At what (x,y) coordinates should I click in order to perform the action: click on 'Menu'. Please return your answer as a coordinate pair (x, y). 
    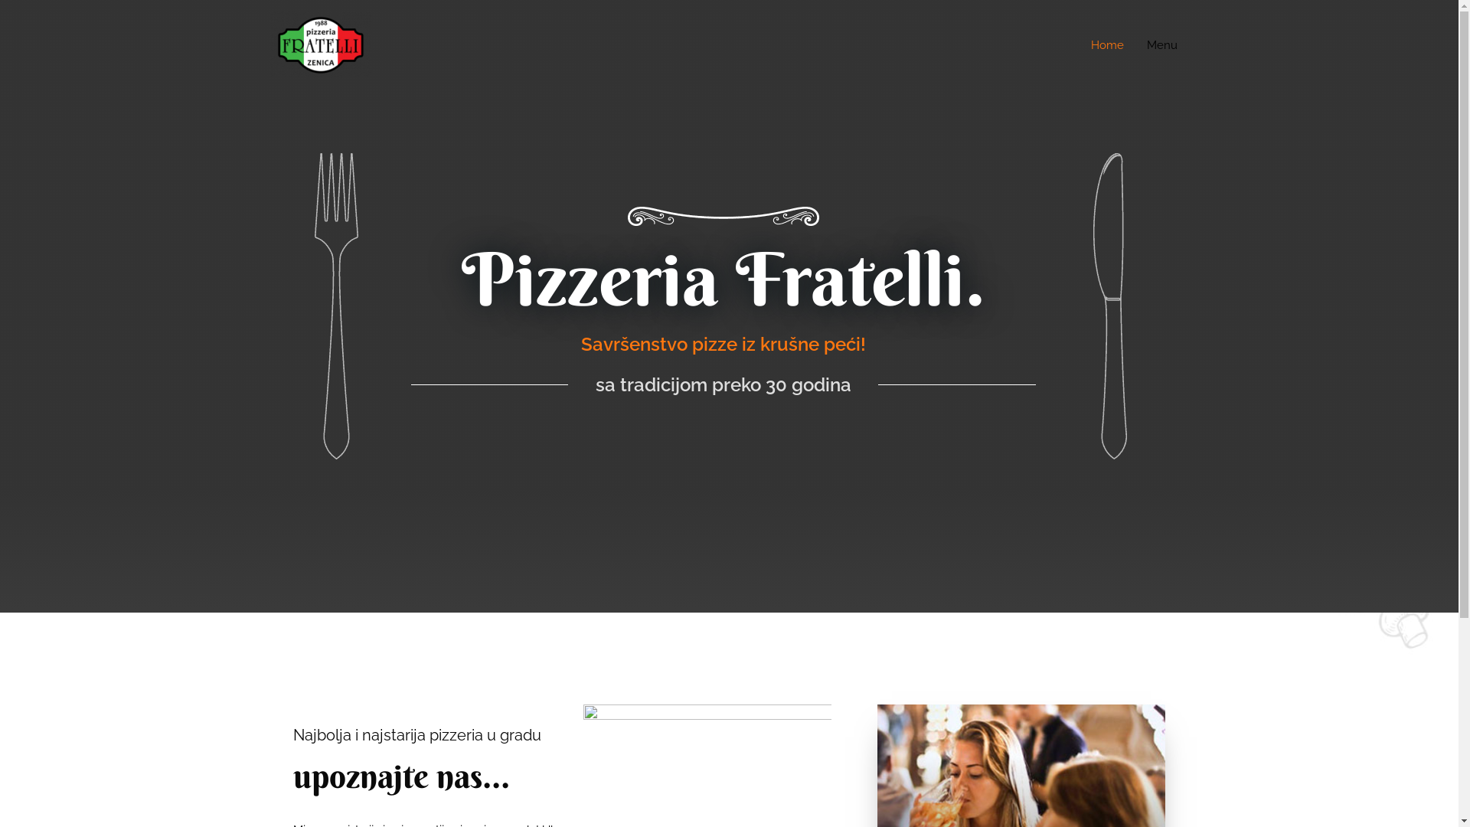
    Looking at the image, I should click on (1135, 44).